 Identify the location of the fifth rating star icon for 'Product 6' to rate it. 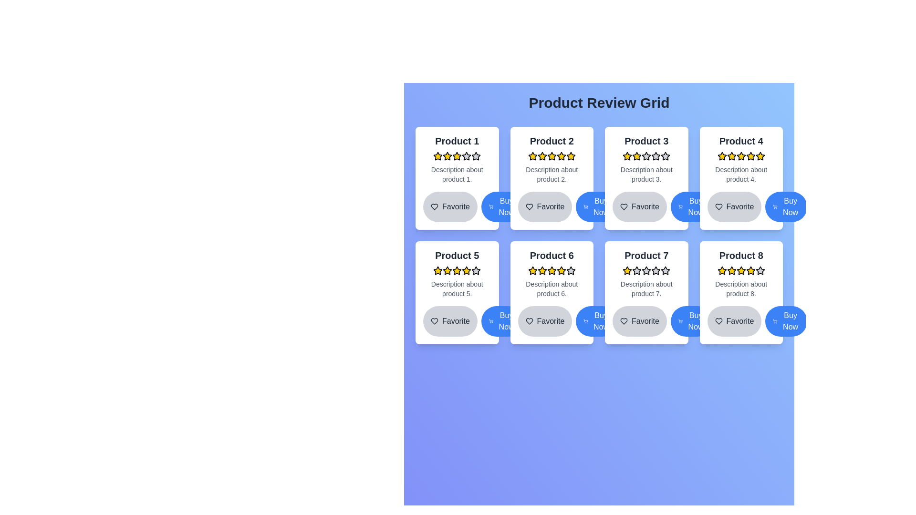
(571, 270).